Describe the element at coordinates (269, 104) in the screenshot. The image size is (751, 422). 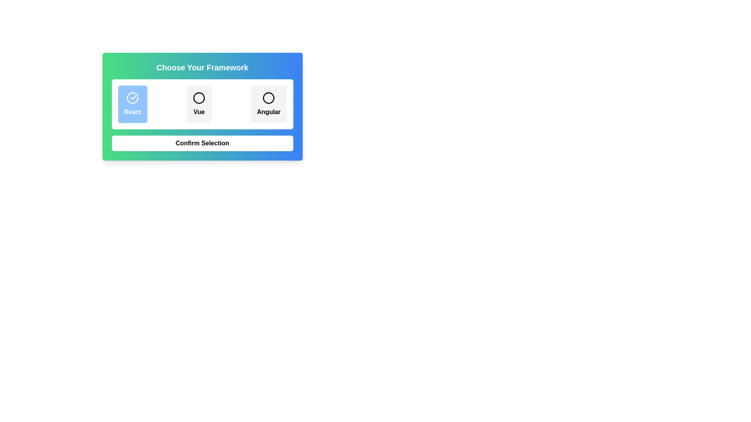
I see `the third button labeled 'Angular' which is positioned to the right of the 'React' and 'Vue' buttons` at that location.